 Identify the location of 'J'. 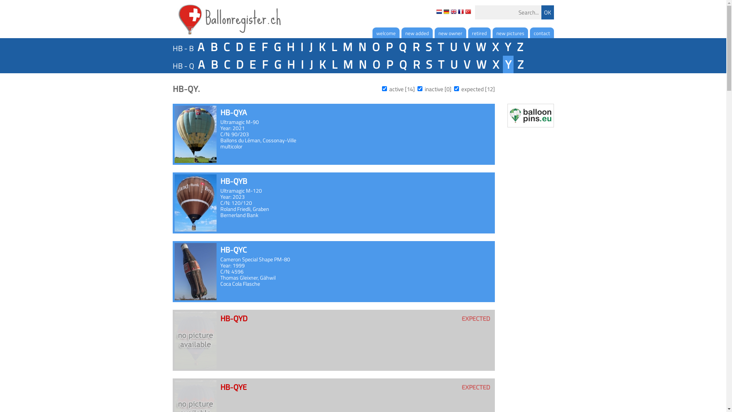
(307, 64).